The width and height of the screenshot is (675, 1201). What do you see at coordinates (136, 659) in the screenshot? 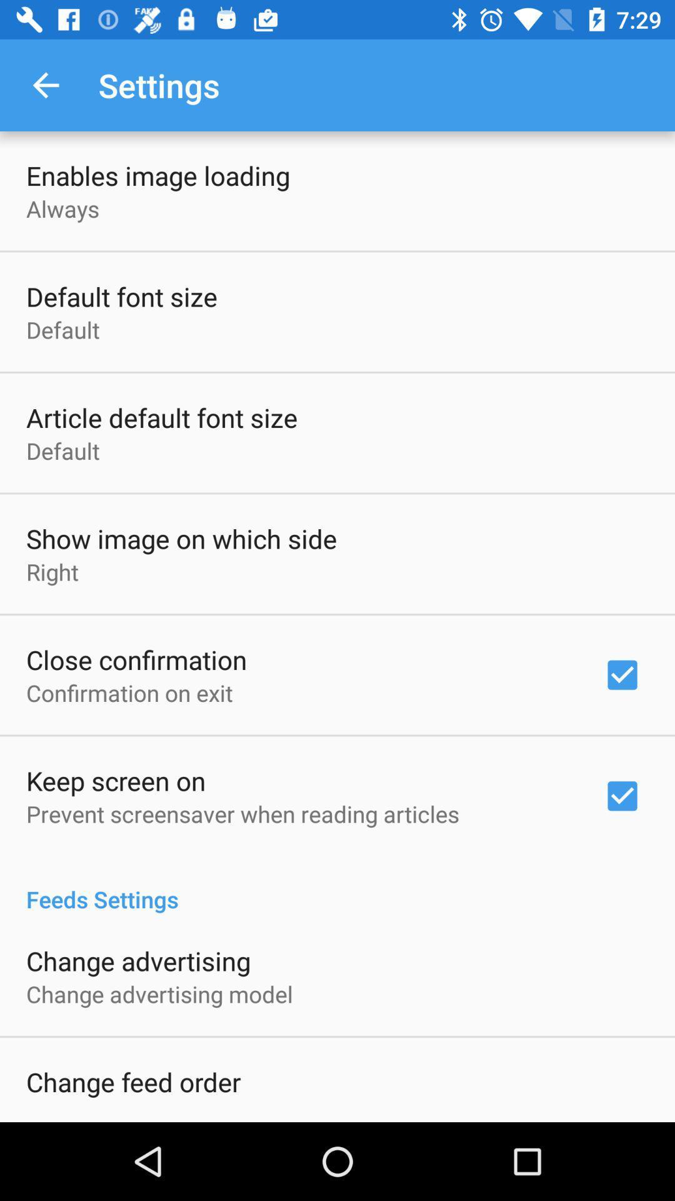
I see `the item below the right icon` at bounding box center [136, 659].